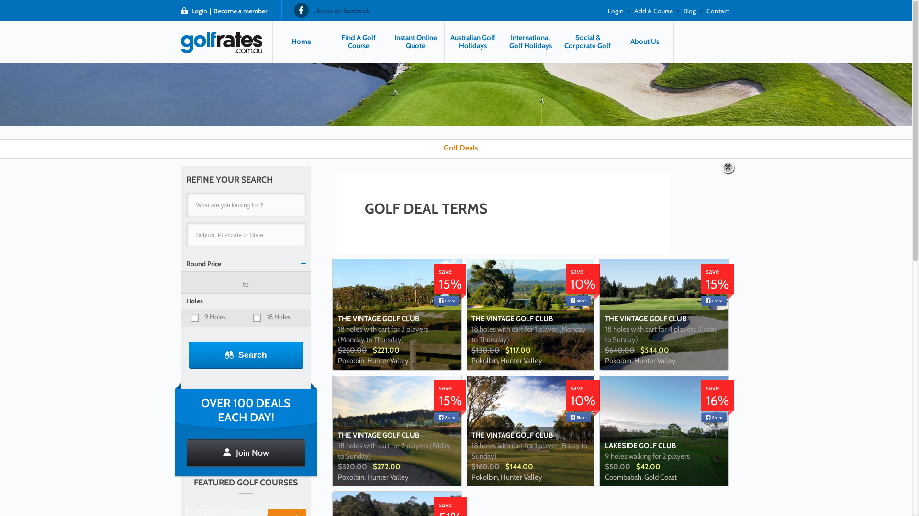 The height and width of the screenshot is (516, 919). What do you see at coordinates (358, 41) in the screenshot?
I see `'Find A Golf Course'` at bounding box center [358, 41].